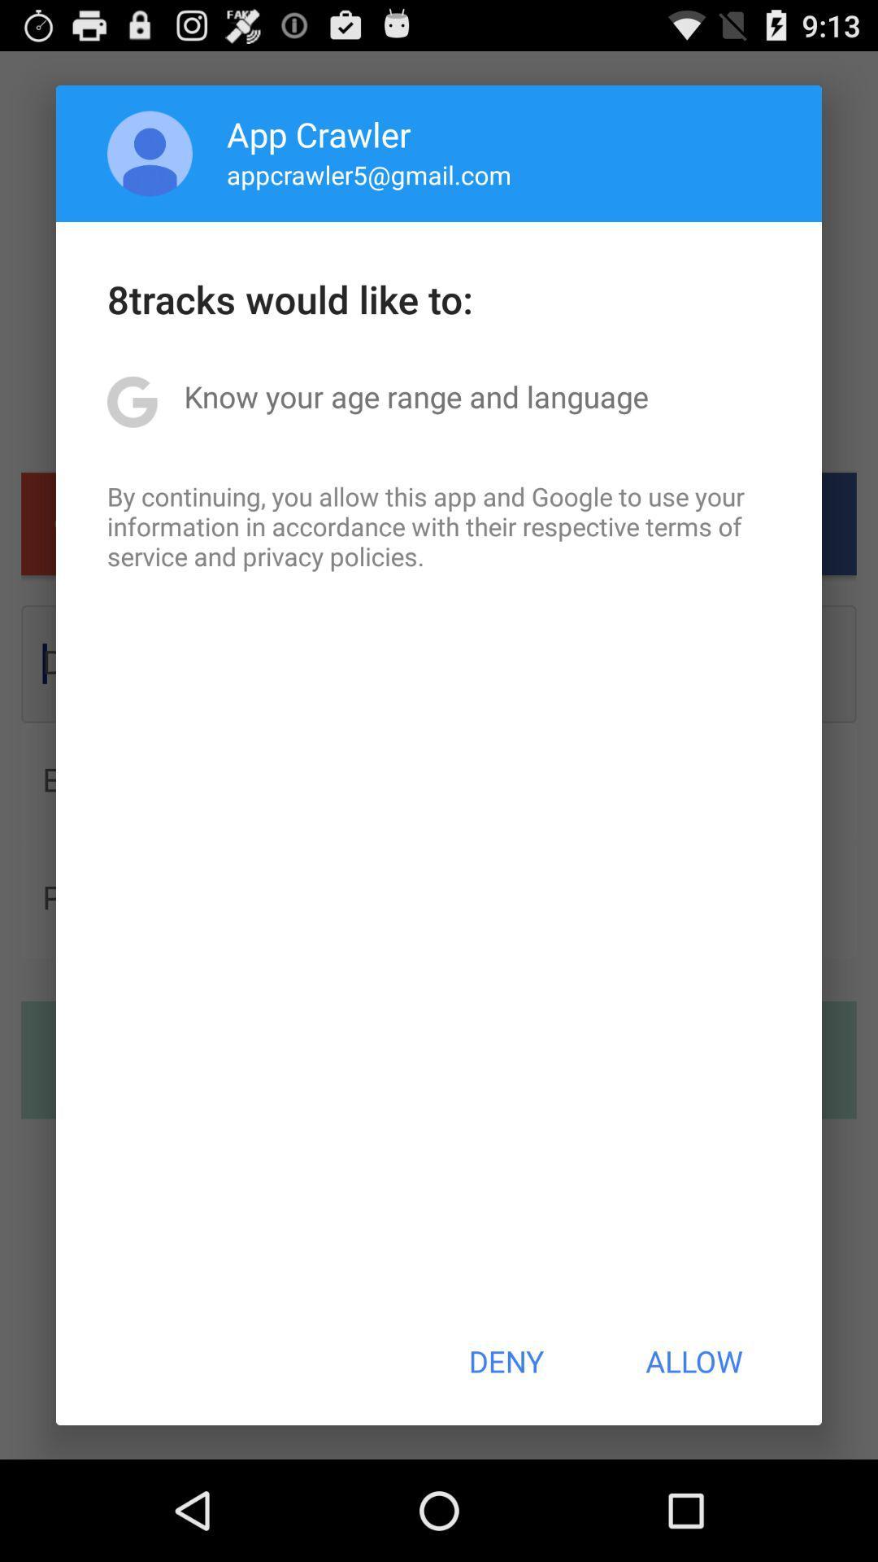  I want to click on the button next to allow icon, so click(505, 1361).